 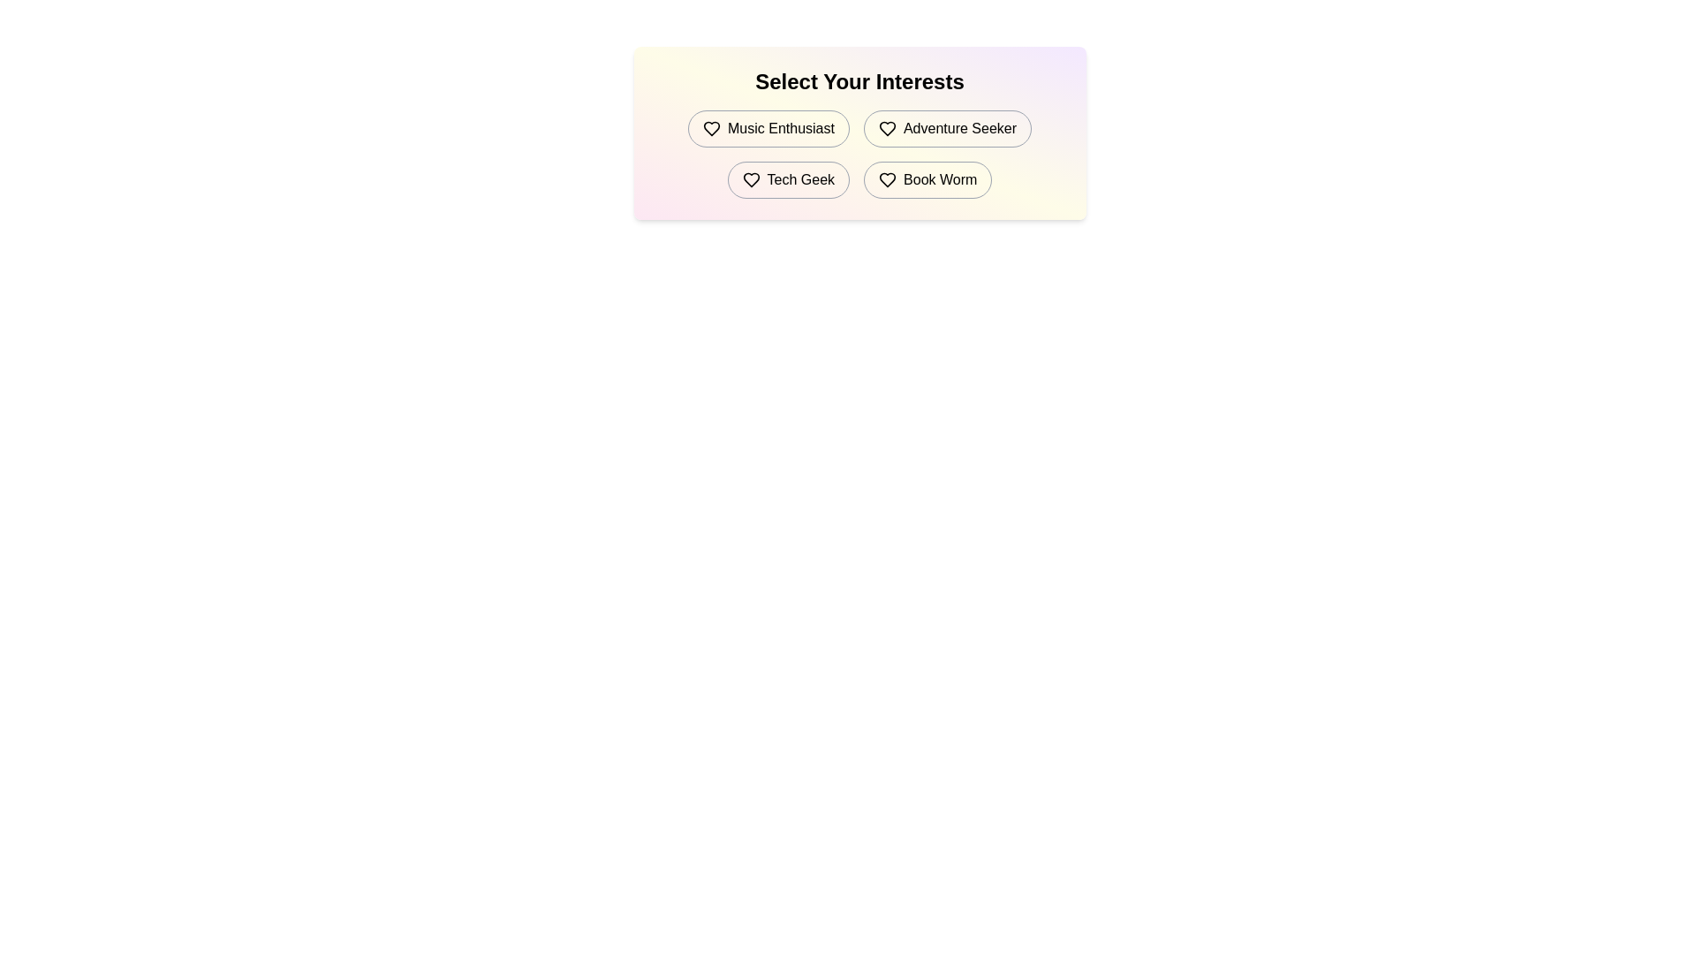 What do you see at coordinates (946, 128) in the screenshot?
I see `the tag button labeled 'Adventure Seeker' to observe its hover effect` at bounding box center [946, 128].